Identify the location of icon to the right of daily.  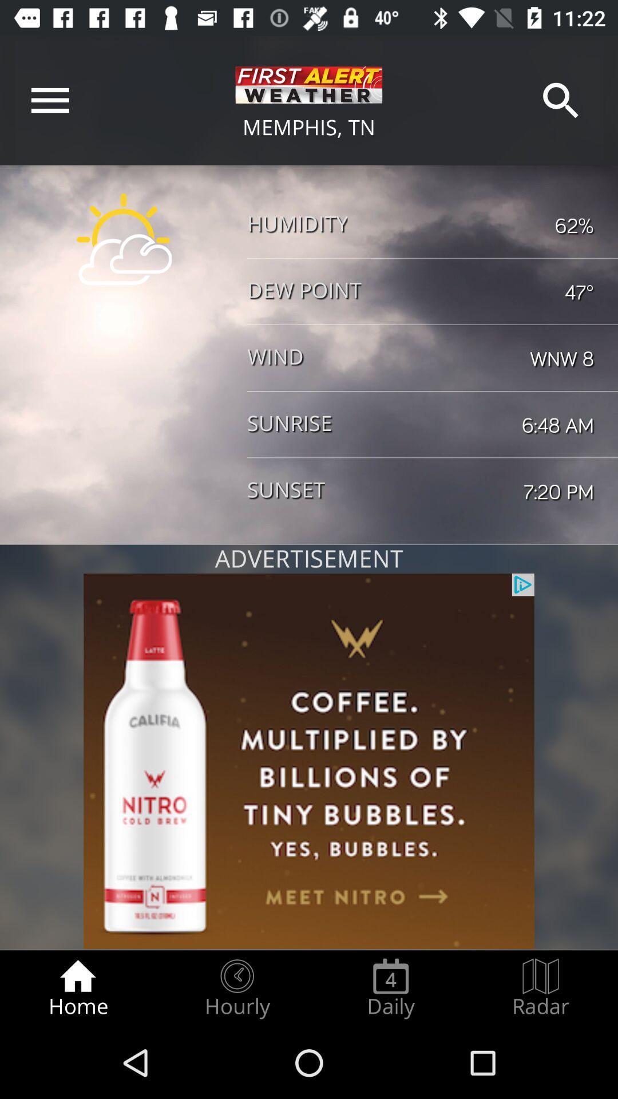
(541, 988).